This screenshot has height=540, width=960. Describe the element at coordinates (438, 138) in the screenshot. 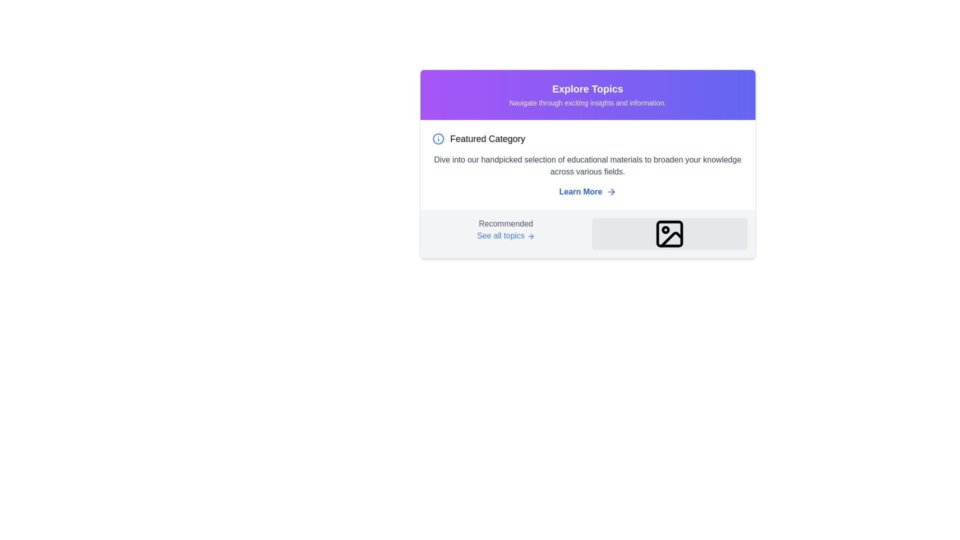

I see `the informational Icon located to the left of the 'Featured Category' text in the card-like interface` at that location.